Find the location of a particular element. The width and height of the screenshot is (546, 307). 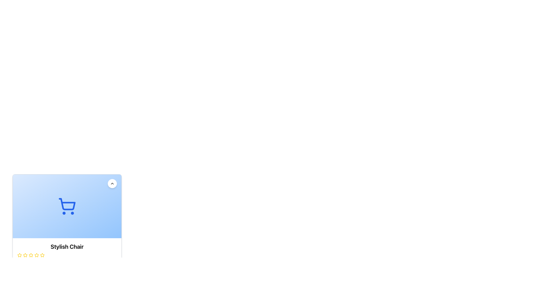

the second star-shaped rating icon with a yellow outline located below the 'Stylish Chair' title to rate the product is located at coordinates (25, 255).